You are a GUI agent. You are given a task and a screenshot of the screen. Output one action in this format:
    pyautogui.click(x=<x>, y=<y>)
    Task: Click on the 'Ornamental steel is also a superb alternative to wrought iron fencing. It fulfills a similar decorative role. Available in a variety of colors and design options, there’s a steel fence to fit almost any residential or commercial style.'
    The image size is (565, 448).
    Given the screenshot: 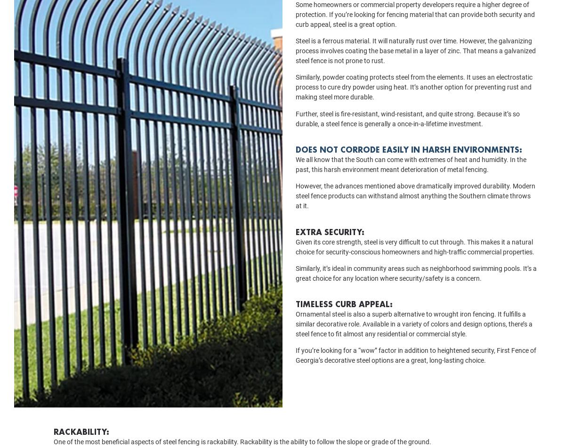 What is the action you would take?
    pyautogui.click(x=413, y=337)
    